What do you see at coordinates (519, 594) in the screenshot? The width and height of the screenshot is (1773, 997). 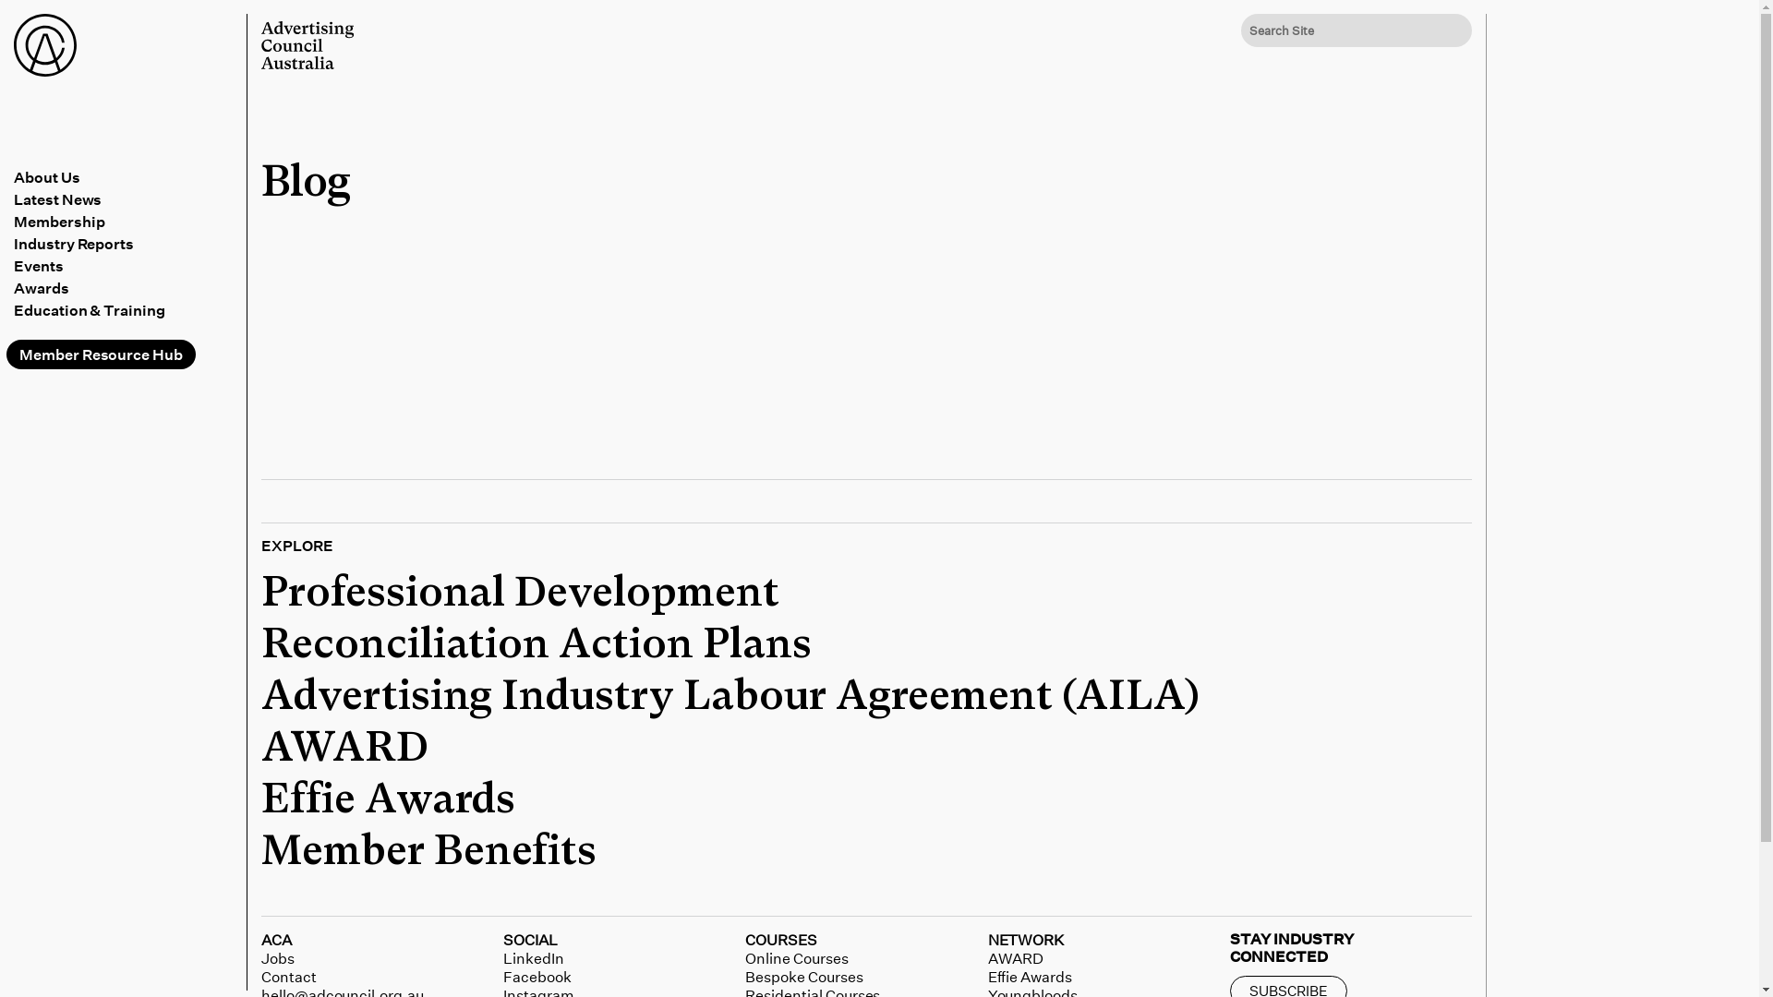 I see `'Professional Development'` at bounding box center [519, 594].